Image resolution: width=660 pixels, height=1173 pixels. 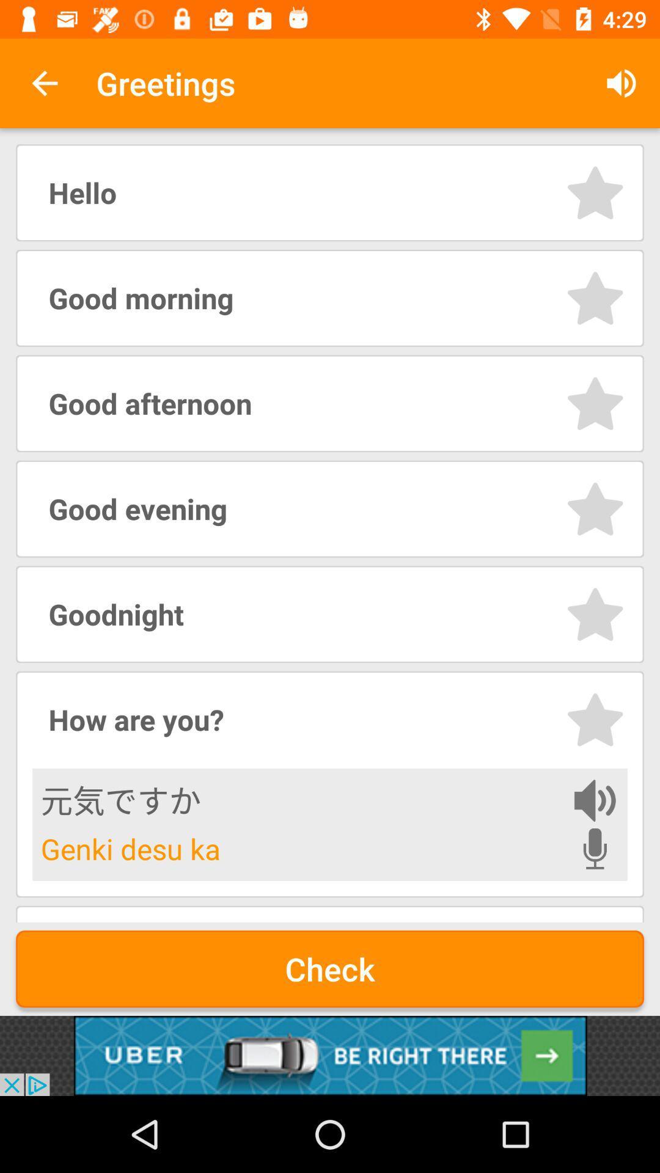 What do you see at coordinates (595, 720) in the screenshot?
I see `a phrase` at bounding box center [595, 720].